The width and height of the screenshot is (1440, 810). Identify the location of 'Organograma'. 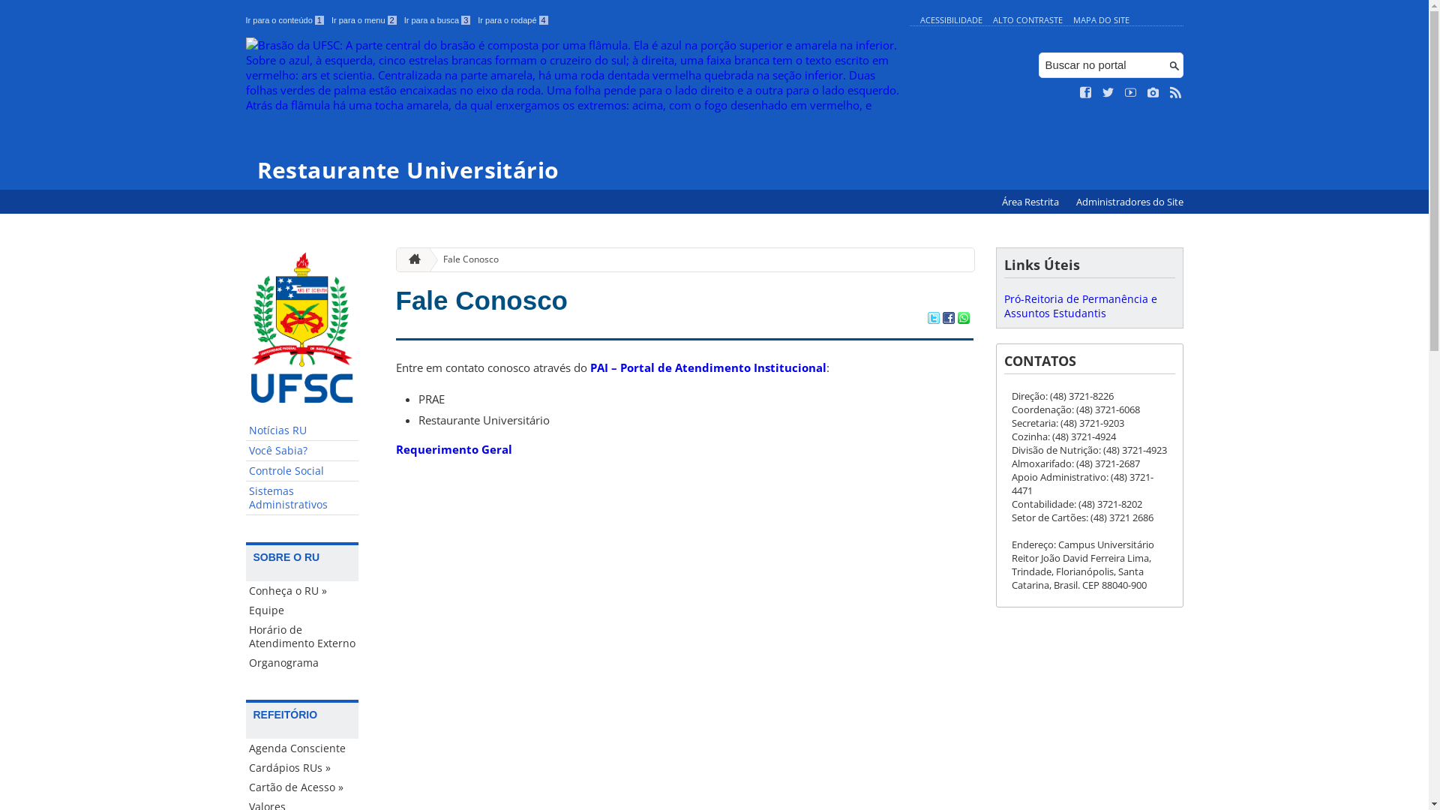
(245, 661).